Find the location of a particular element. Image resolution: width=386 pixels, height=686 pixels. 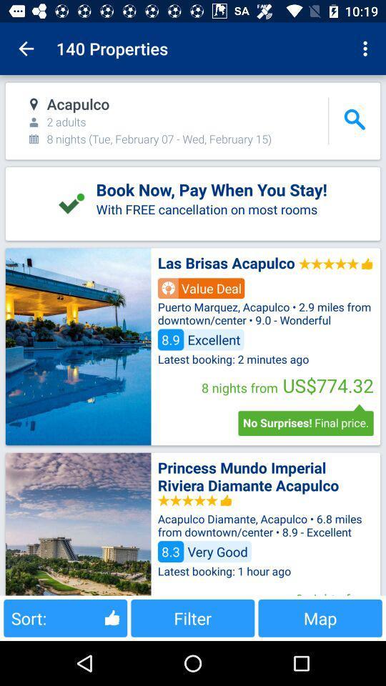

the property picture is located at coordinates (78, 523).